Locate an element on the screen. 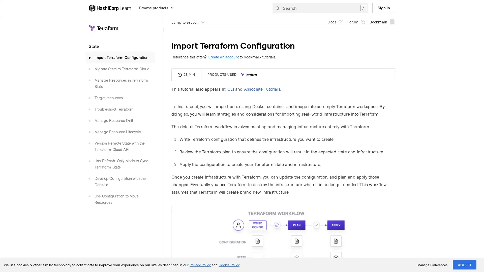 This screenshot has width=484, height=272. Jump to section is located at coordinates (188, 22).